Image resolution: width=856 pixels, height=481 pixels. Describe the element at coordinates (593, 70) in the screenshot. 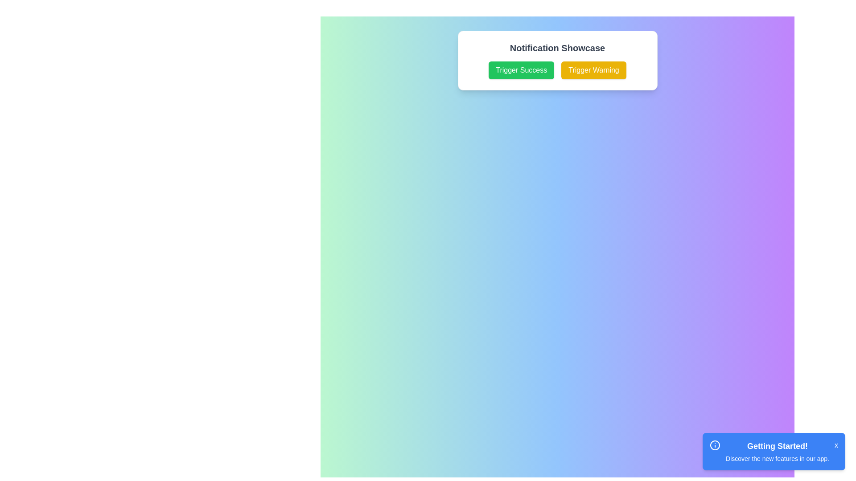

I see `the 'Trigger Warning' button, which is a rectangular button with a yellow background and white text located in the bottom right of the white notification box` at that location.